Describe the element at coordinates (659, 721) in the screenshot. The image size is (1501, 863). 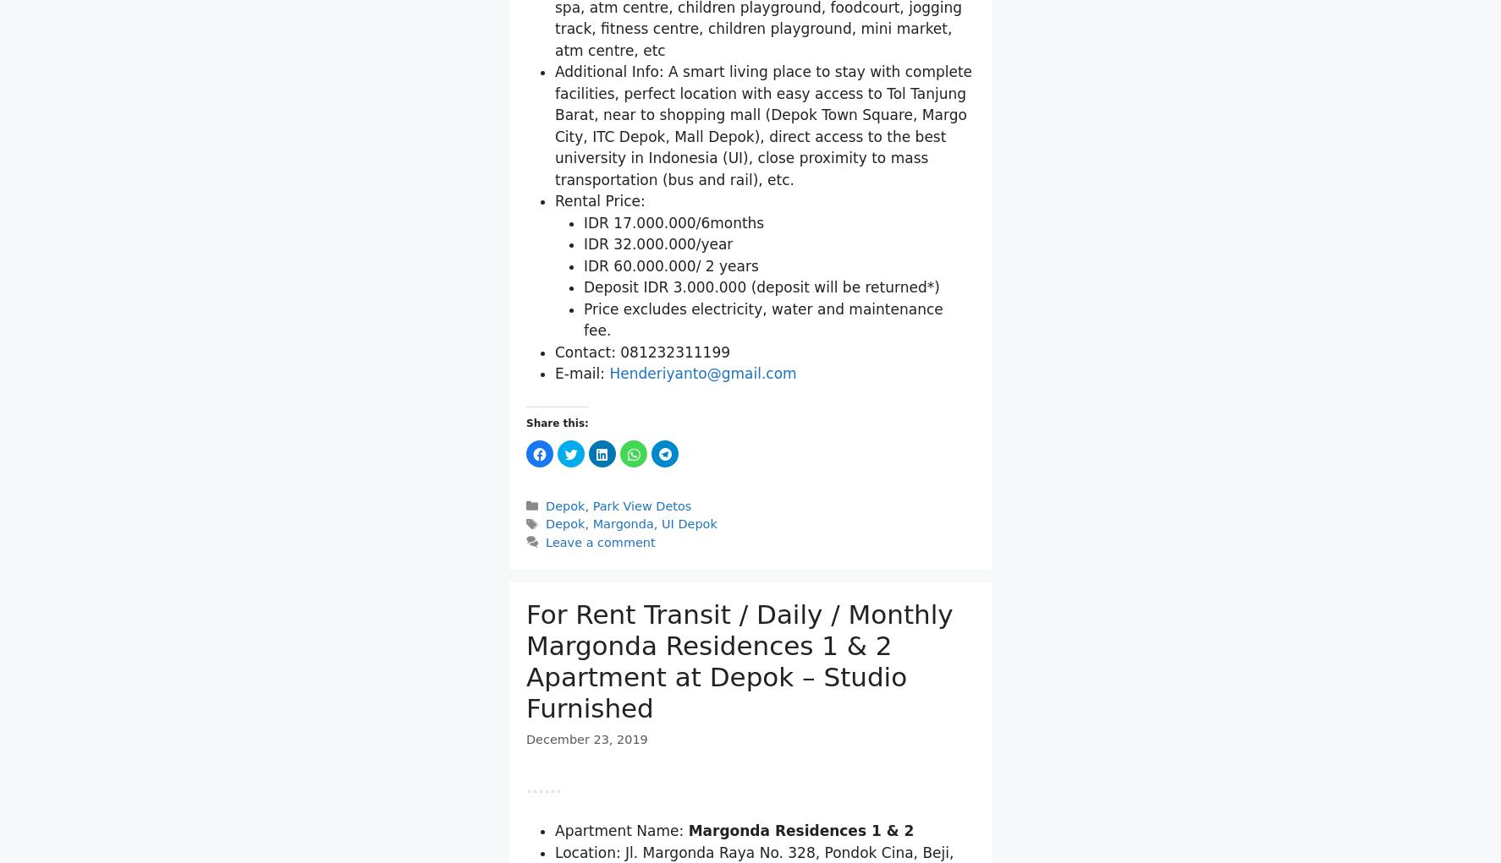
I see `'UI Depok'` at that location.